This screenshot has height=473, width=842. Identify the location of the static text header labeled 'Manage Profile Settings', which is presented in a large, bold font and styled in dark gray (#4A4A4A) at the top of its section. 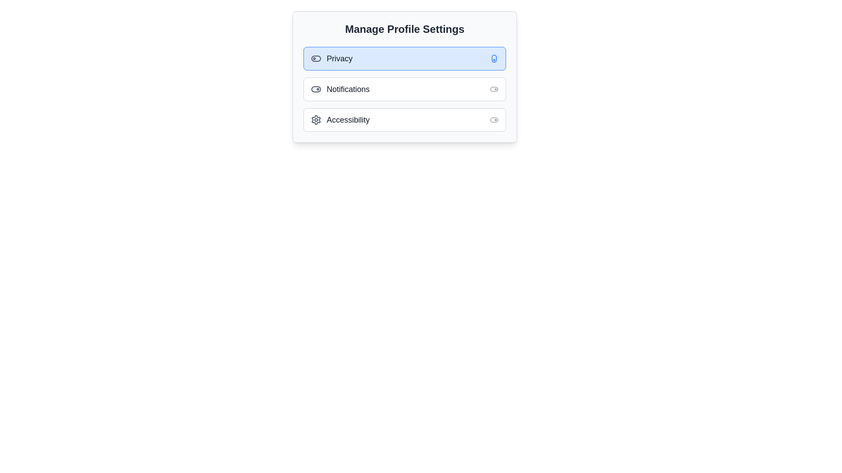
(404, 28).